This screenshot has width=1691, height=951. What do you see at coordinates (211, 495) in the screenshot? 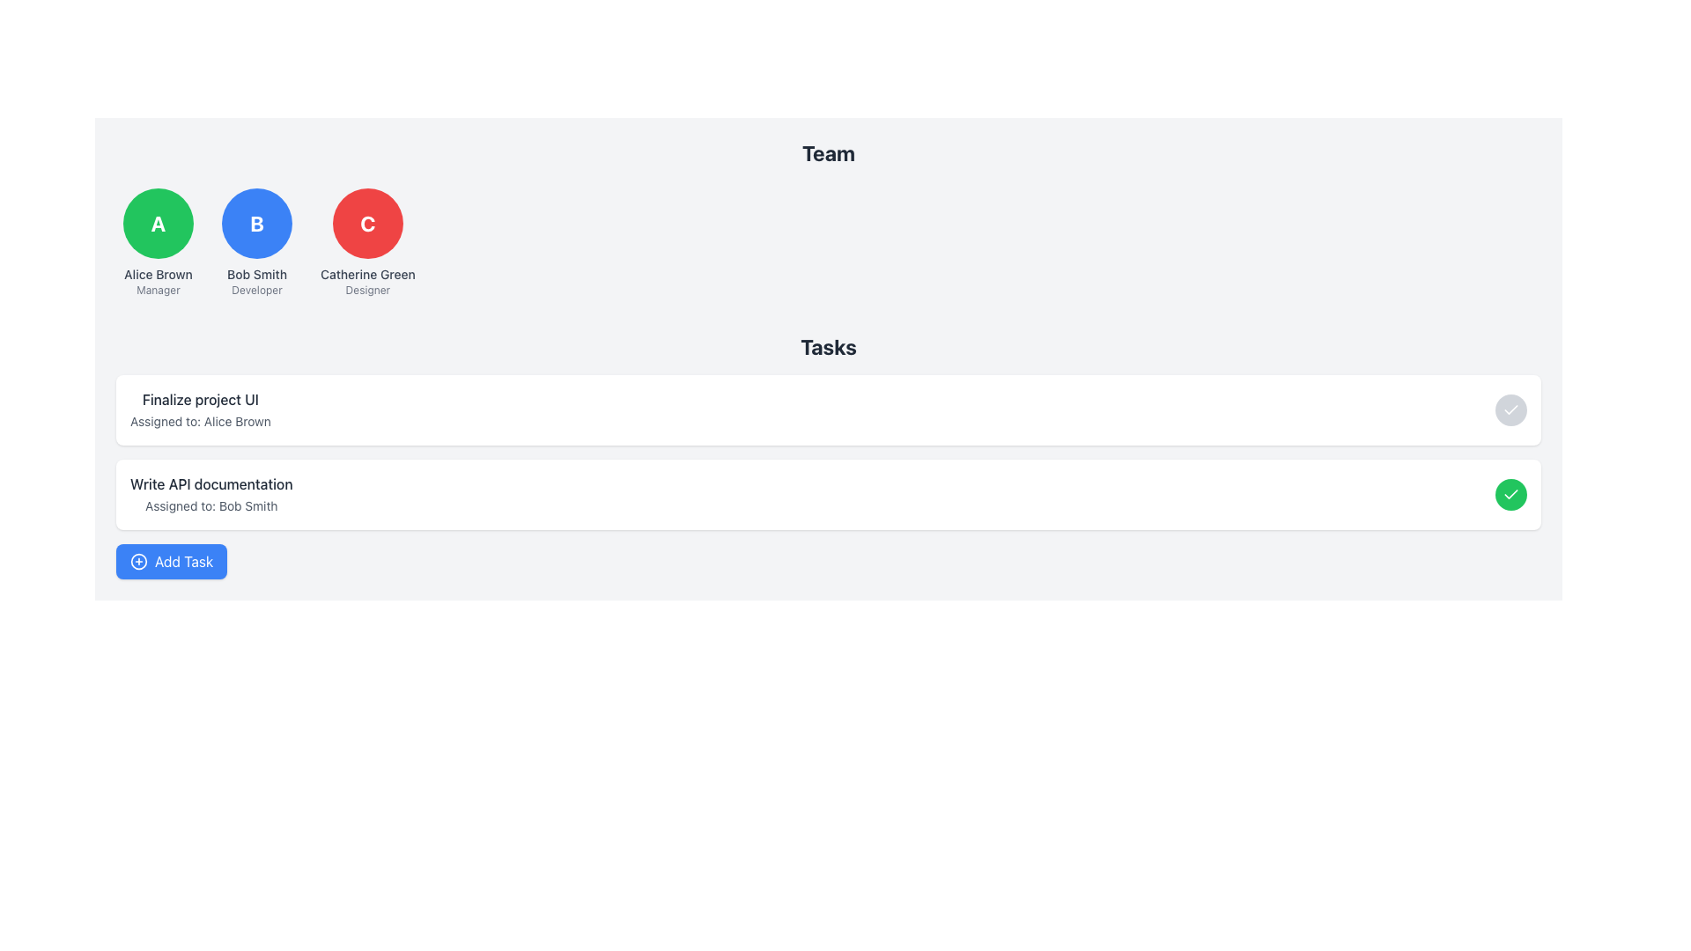
I see `the composite text label that reads 'Write API documentation' with the subtitle 'Assigned to: Bob Smith', which is centrally aligned within the task card component located in the Tasks section` at bounding box center [211, 495].